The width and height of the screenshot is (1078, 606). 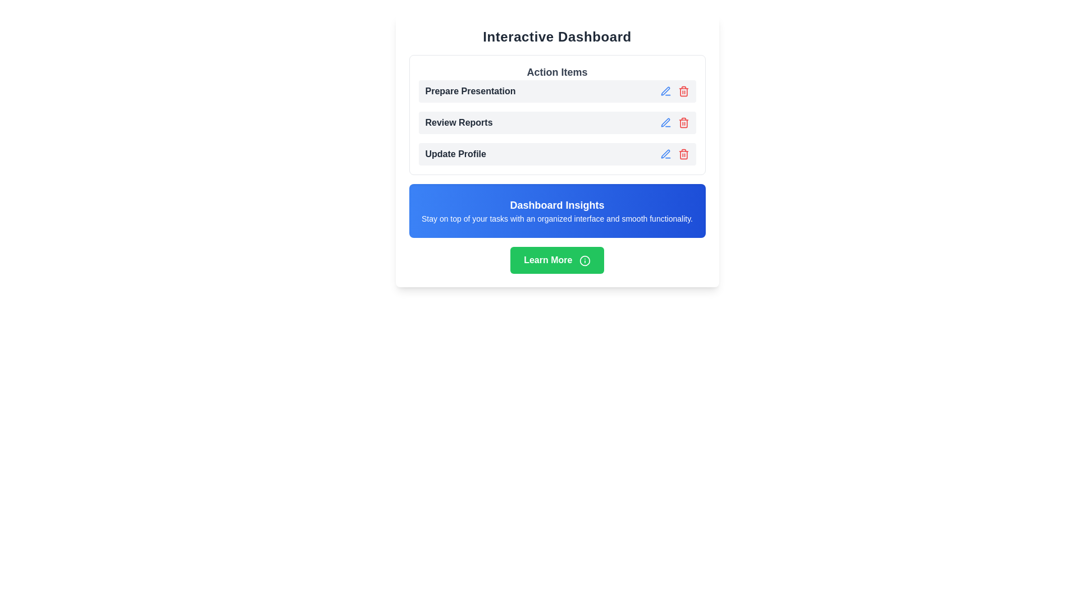 I want to click on the trash bin icon in the button group, so click(x=674, y=90).